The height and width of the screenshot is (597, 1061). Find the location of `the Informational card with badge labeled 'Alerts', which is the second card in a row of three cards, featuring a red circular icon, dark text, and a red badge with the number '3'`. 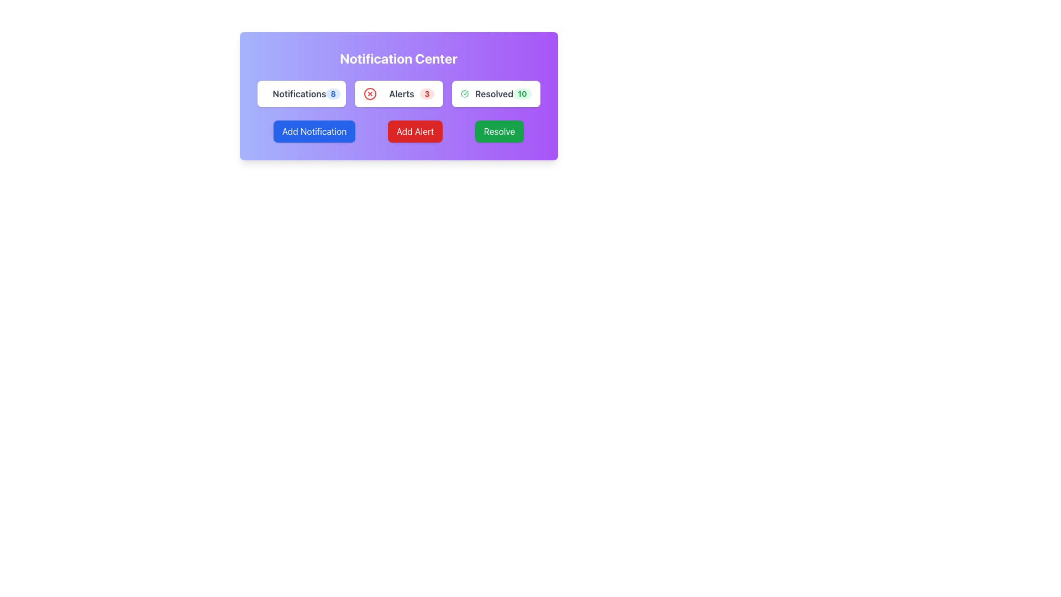

the Informational card with badge labeled 'Alerts', which is the second card in a row of three cards, featuring a red circular icon, dark text, and a red badge with the number '3' is located at coordinates (398, 93).